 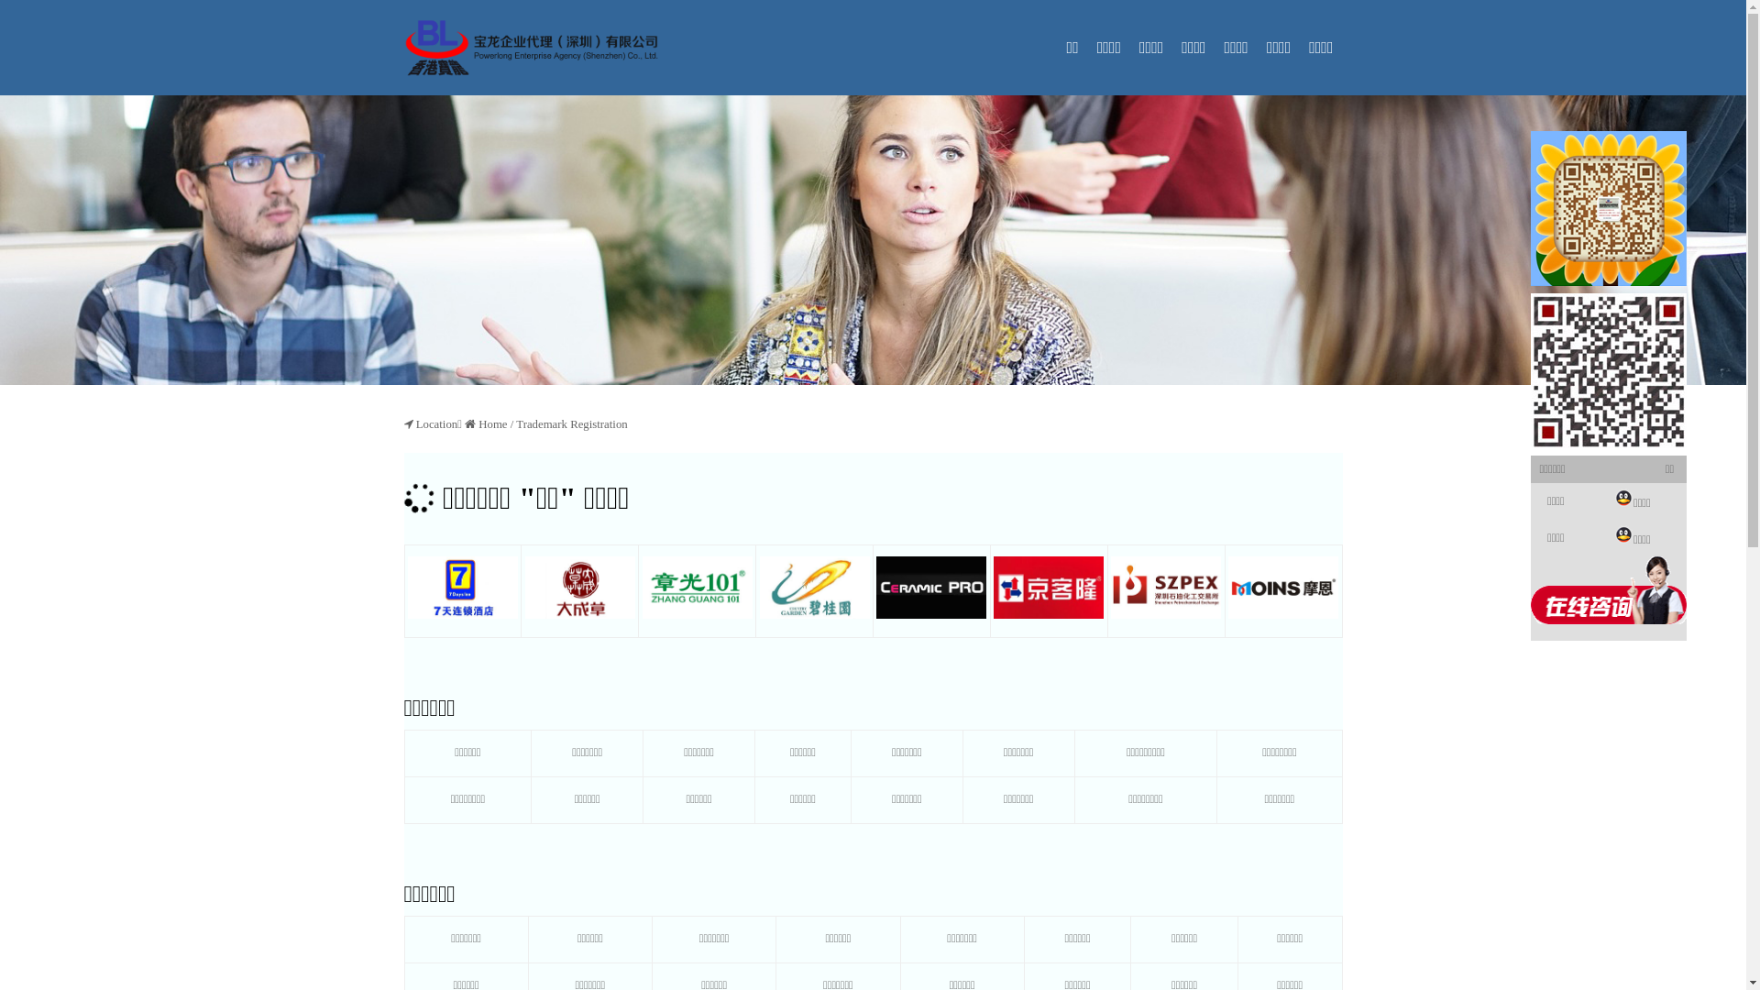 I want to click on 'Home', so click(x=492, y=423).